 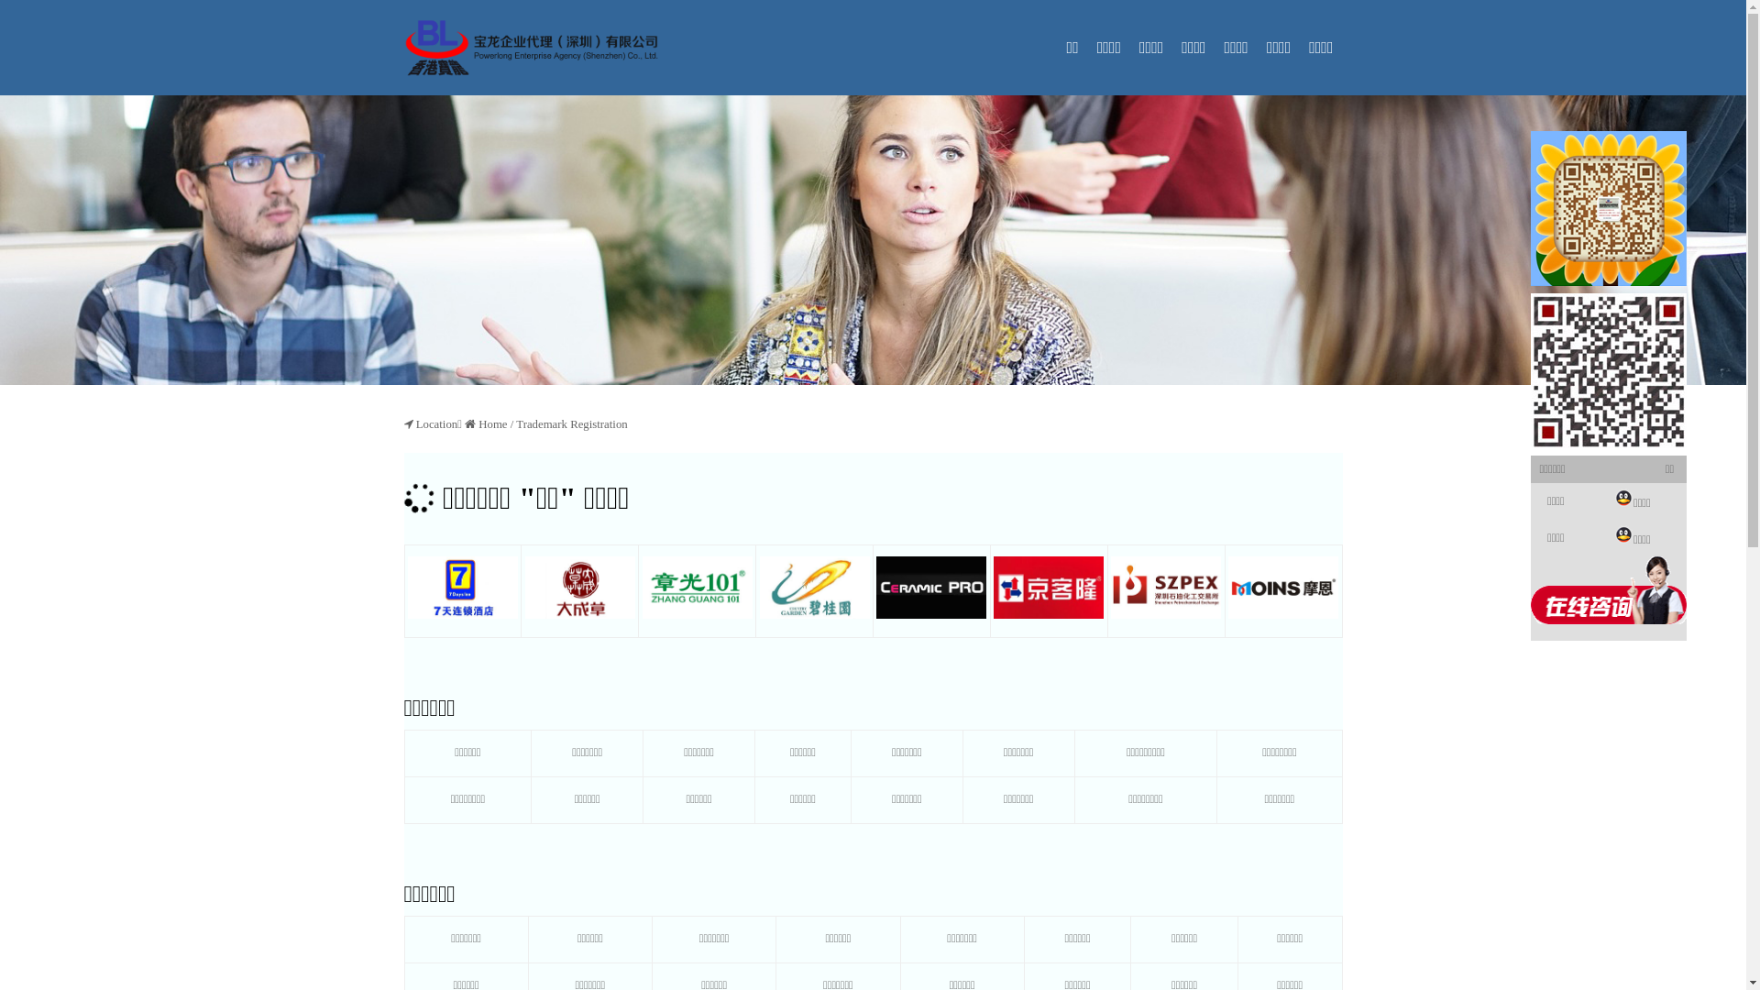 I want to click on 'Home', so click(x=492, y=423).